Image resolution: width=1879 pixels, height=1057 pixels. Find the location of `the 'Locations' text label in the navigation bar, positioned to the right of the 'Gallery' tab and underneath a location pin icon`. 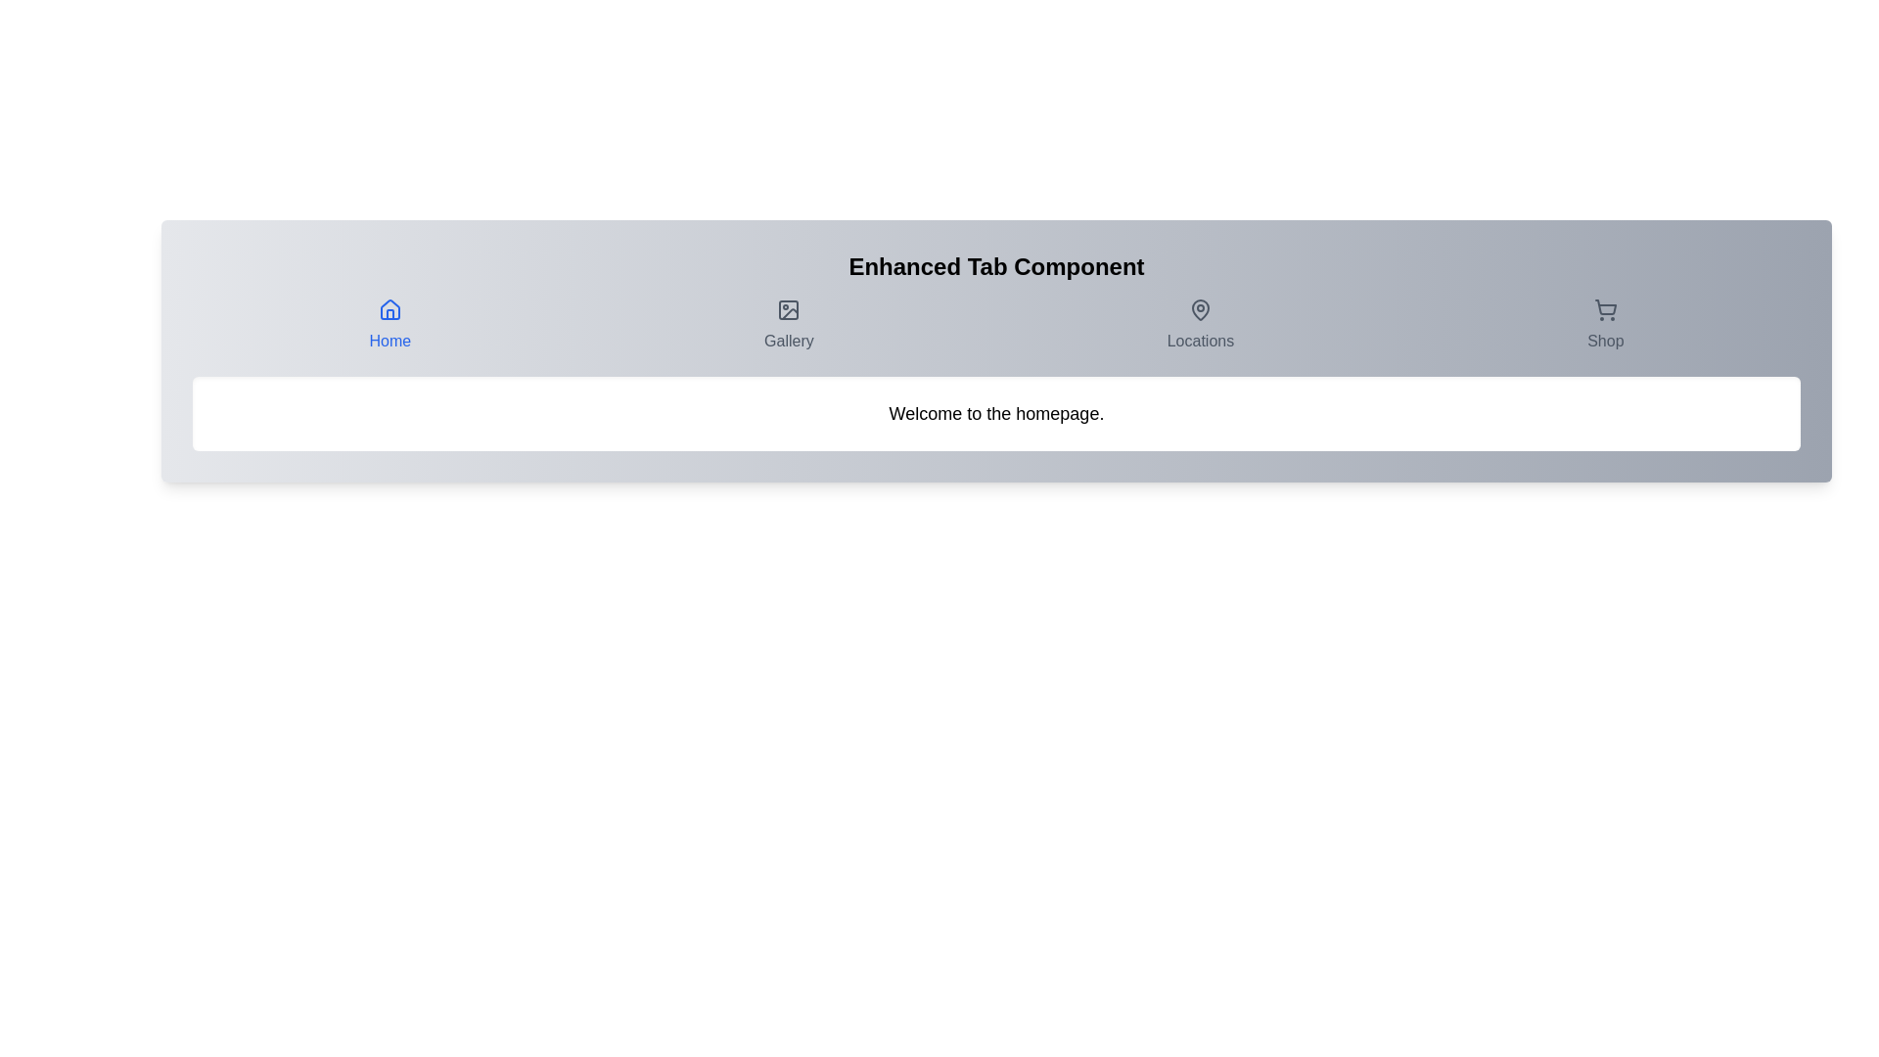

the 'Locations' text label in the navigation bar, positioned to the right of the 'Gallery' tab and underneath a location pin icon is located at coordinates (1199, 340).